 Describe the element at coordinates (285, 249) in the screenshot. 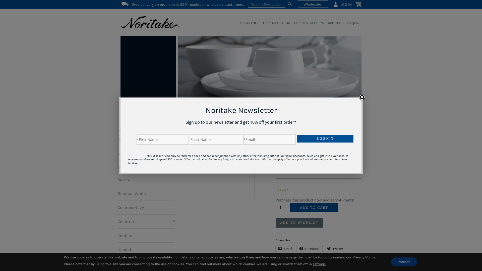

I see `'Email'` at that location.